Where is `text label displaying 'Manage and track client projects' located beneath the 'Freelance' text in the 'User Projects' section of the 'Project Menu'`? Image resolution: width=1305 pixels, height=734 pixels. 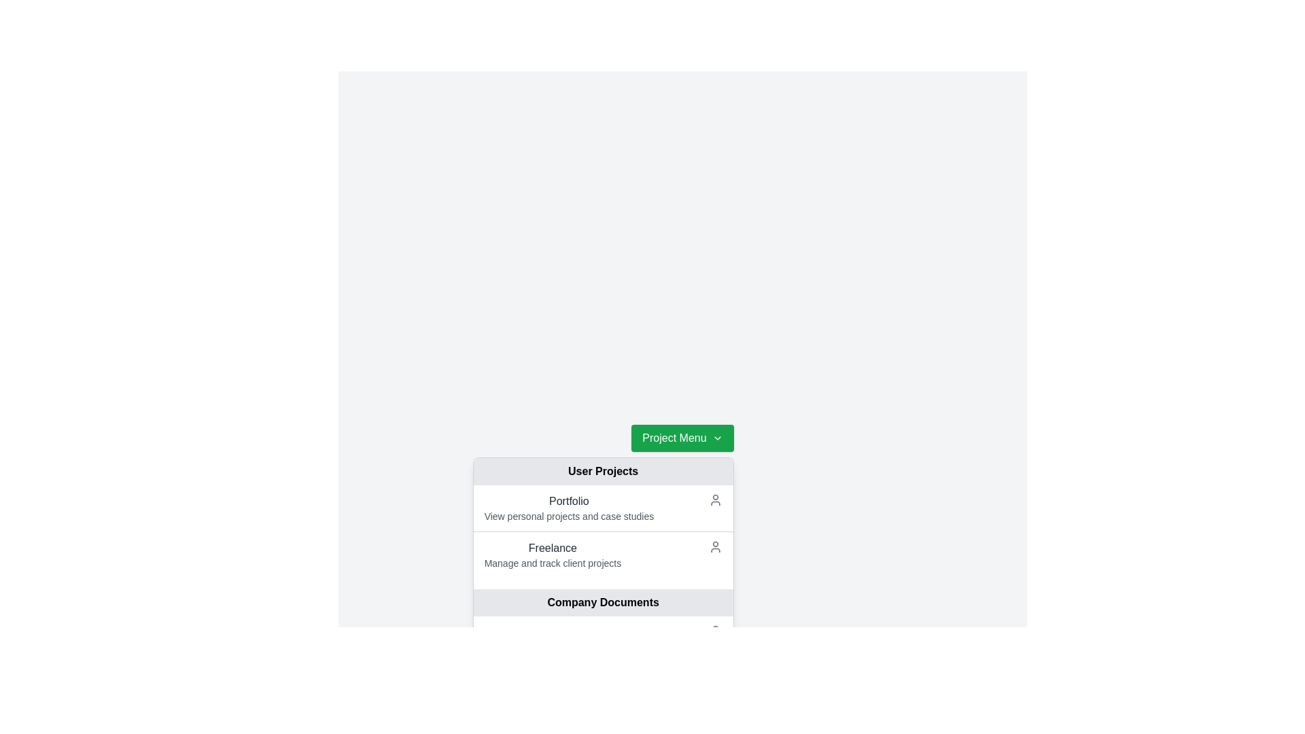
text label displaying 'Manage and track client projects' located beneath the 'Freelance' text in the 'User Projects' section of the 'Project Menu' is located at coordinates (553, 563).